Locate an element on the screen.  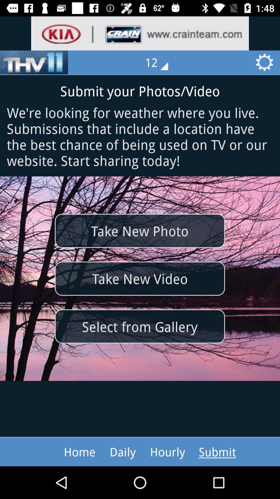
the 12 icon is located at coordinates (160, 62).